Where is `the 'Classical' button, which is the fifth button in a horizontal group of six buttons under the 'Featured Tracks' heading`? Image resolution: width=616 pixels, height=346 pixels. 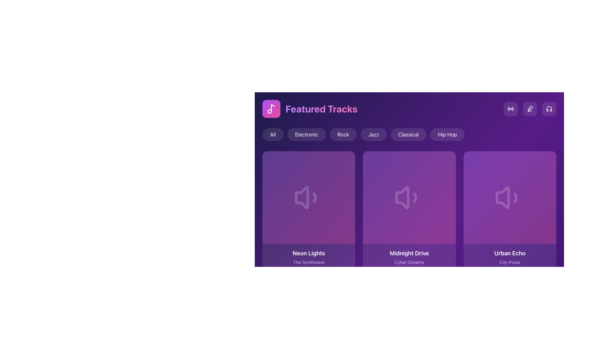
the 'Classical' button, which is the fifth button in a horizontal group of six buttons under the 'Featured Tracks' heading is located at coordinates (408, 134).